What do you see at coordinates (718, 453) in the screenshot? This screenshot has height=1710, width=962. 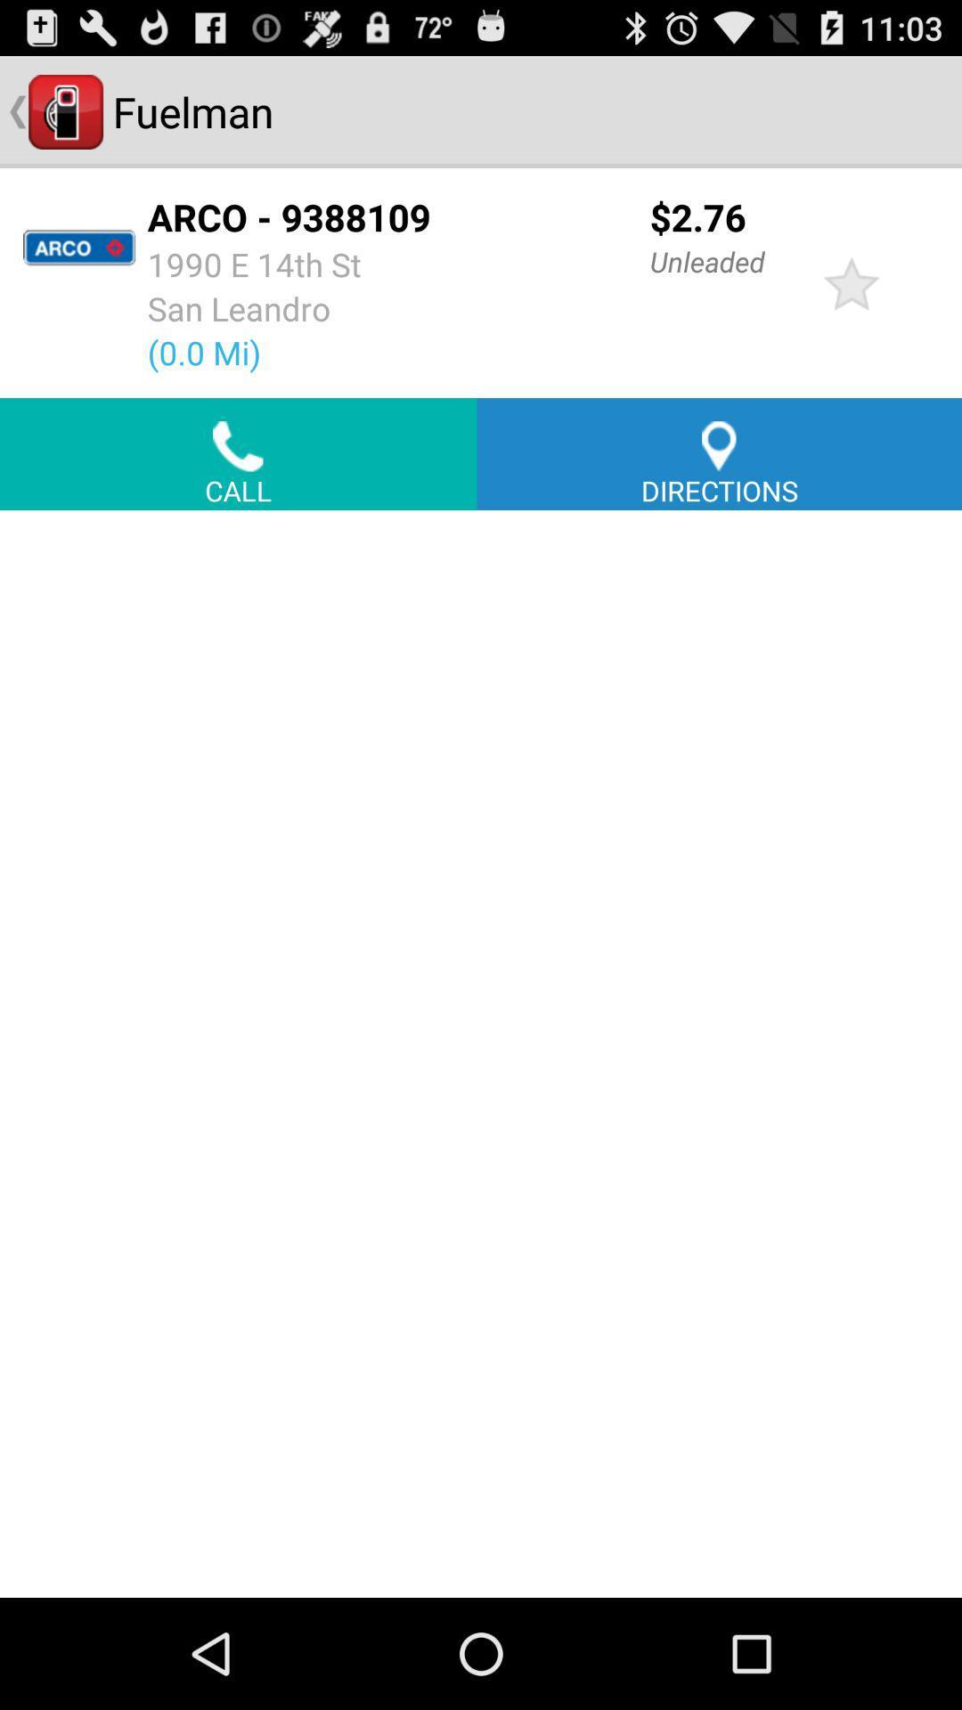 I see `the directions button` at bounding box center [718, 453].